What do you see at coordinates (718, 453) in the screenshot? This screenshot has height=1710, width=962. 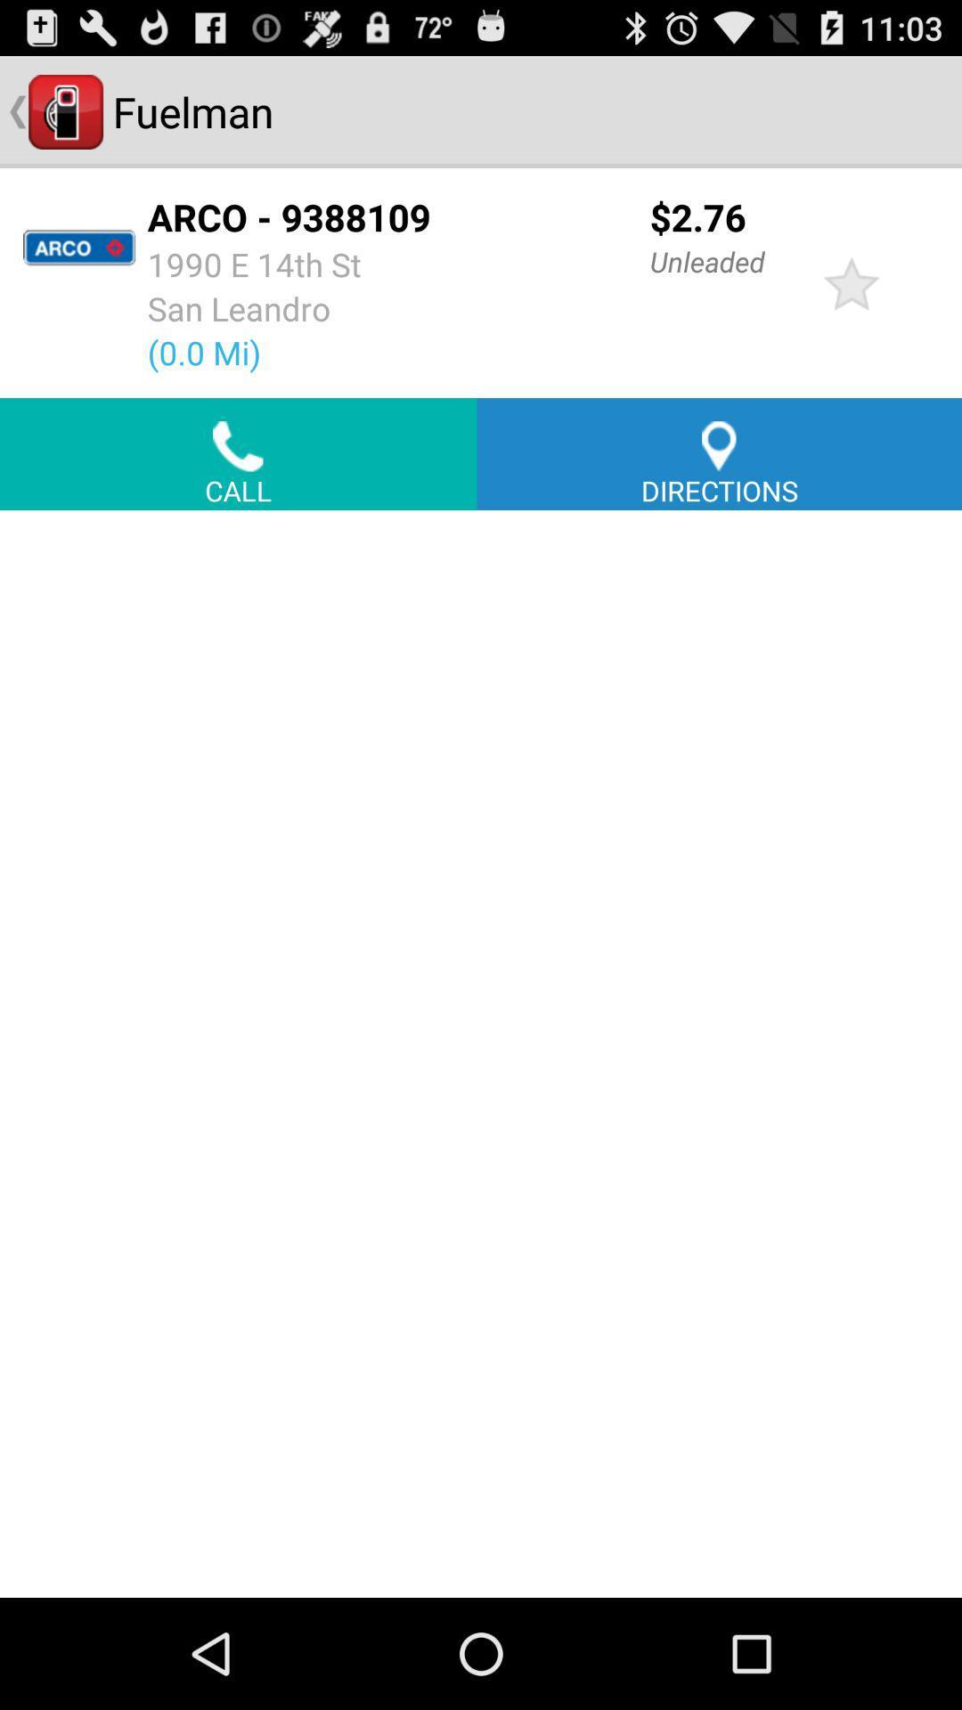 I see `the directions button` at bounding box center [718, 453].